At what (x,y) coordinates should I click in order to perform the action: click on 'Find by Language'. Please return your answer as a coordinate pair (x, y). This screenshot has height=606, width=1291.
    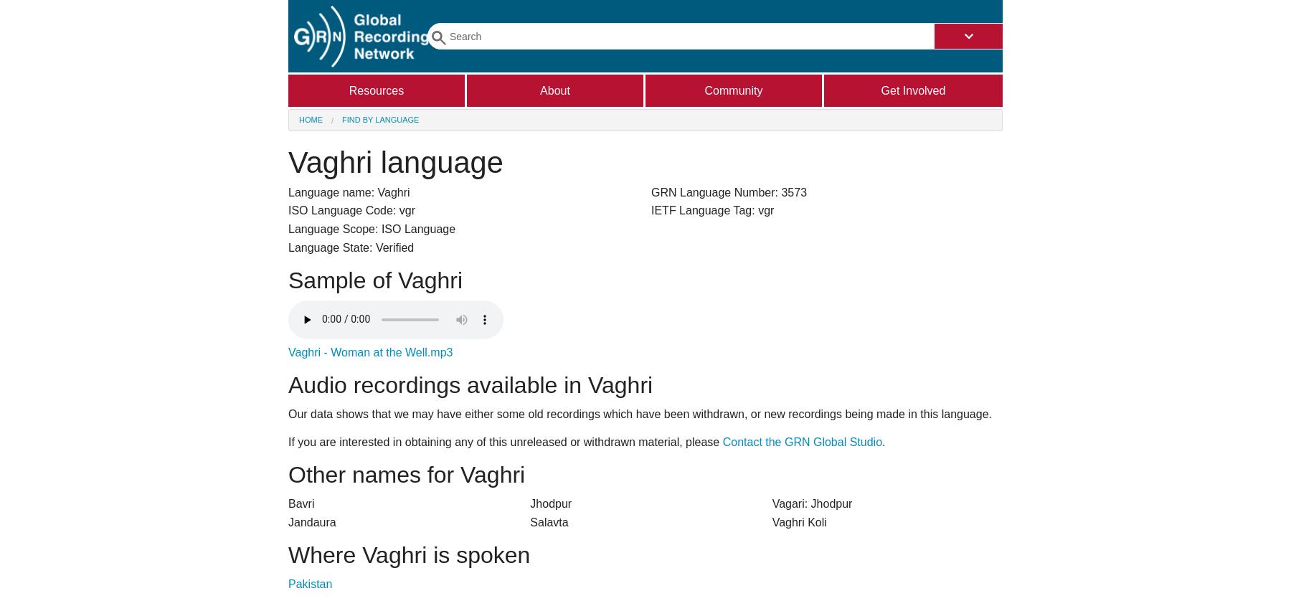
    Looking at the image, I should click on (379, 119).